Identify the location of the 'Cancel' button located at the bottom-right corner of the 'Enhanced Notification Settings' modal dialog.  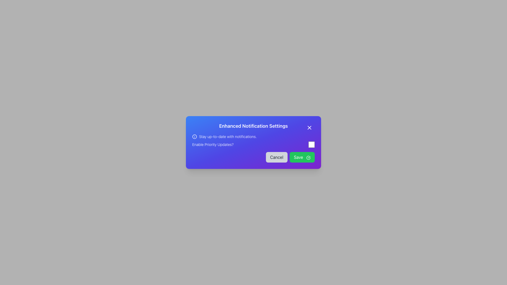
(276, 157).